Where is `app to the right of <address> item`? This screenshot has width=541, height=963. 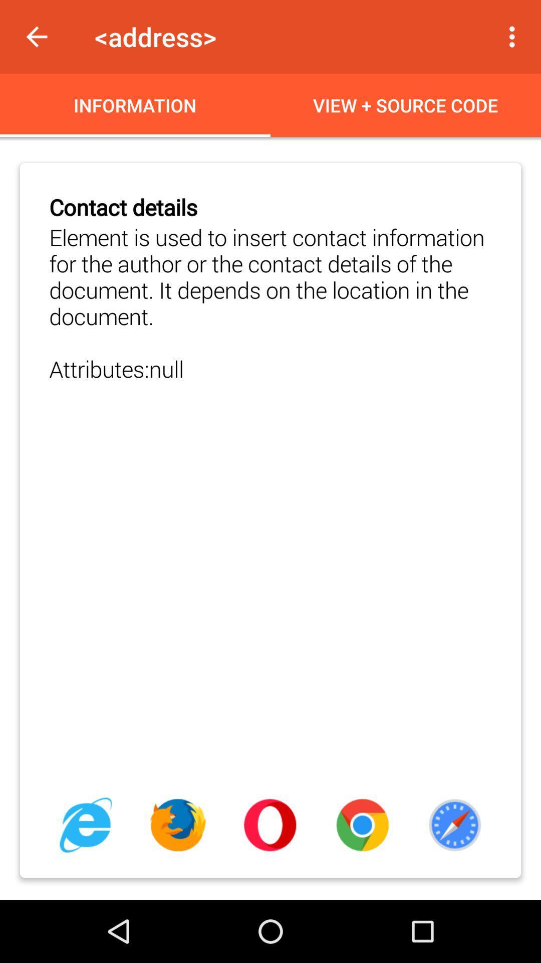 app to the right of <address> item is located at coordinates (514, 37).